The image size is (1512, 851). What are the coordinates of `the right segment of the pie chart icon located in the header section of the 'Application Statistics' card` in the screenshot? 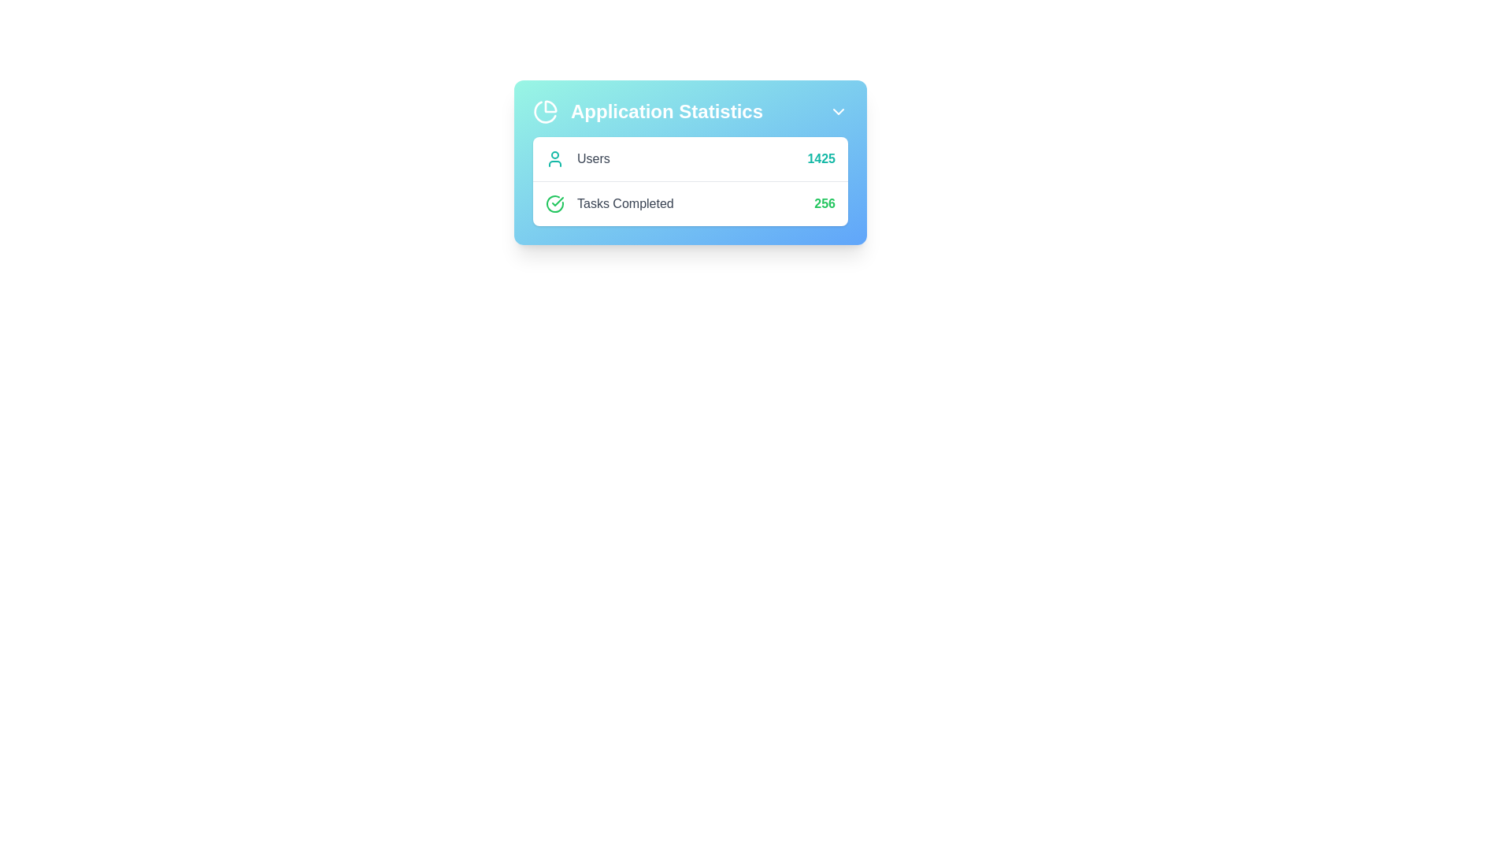 It's located at (550, 106).